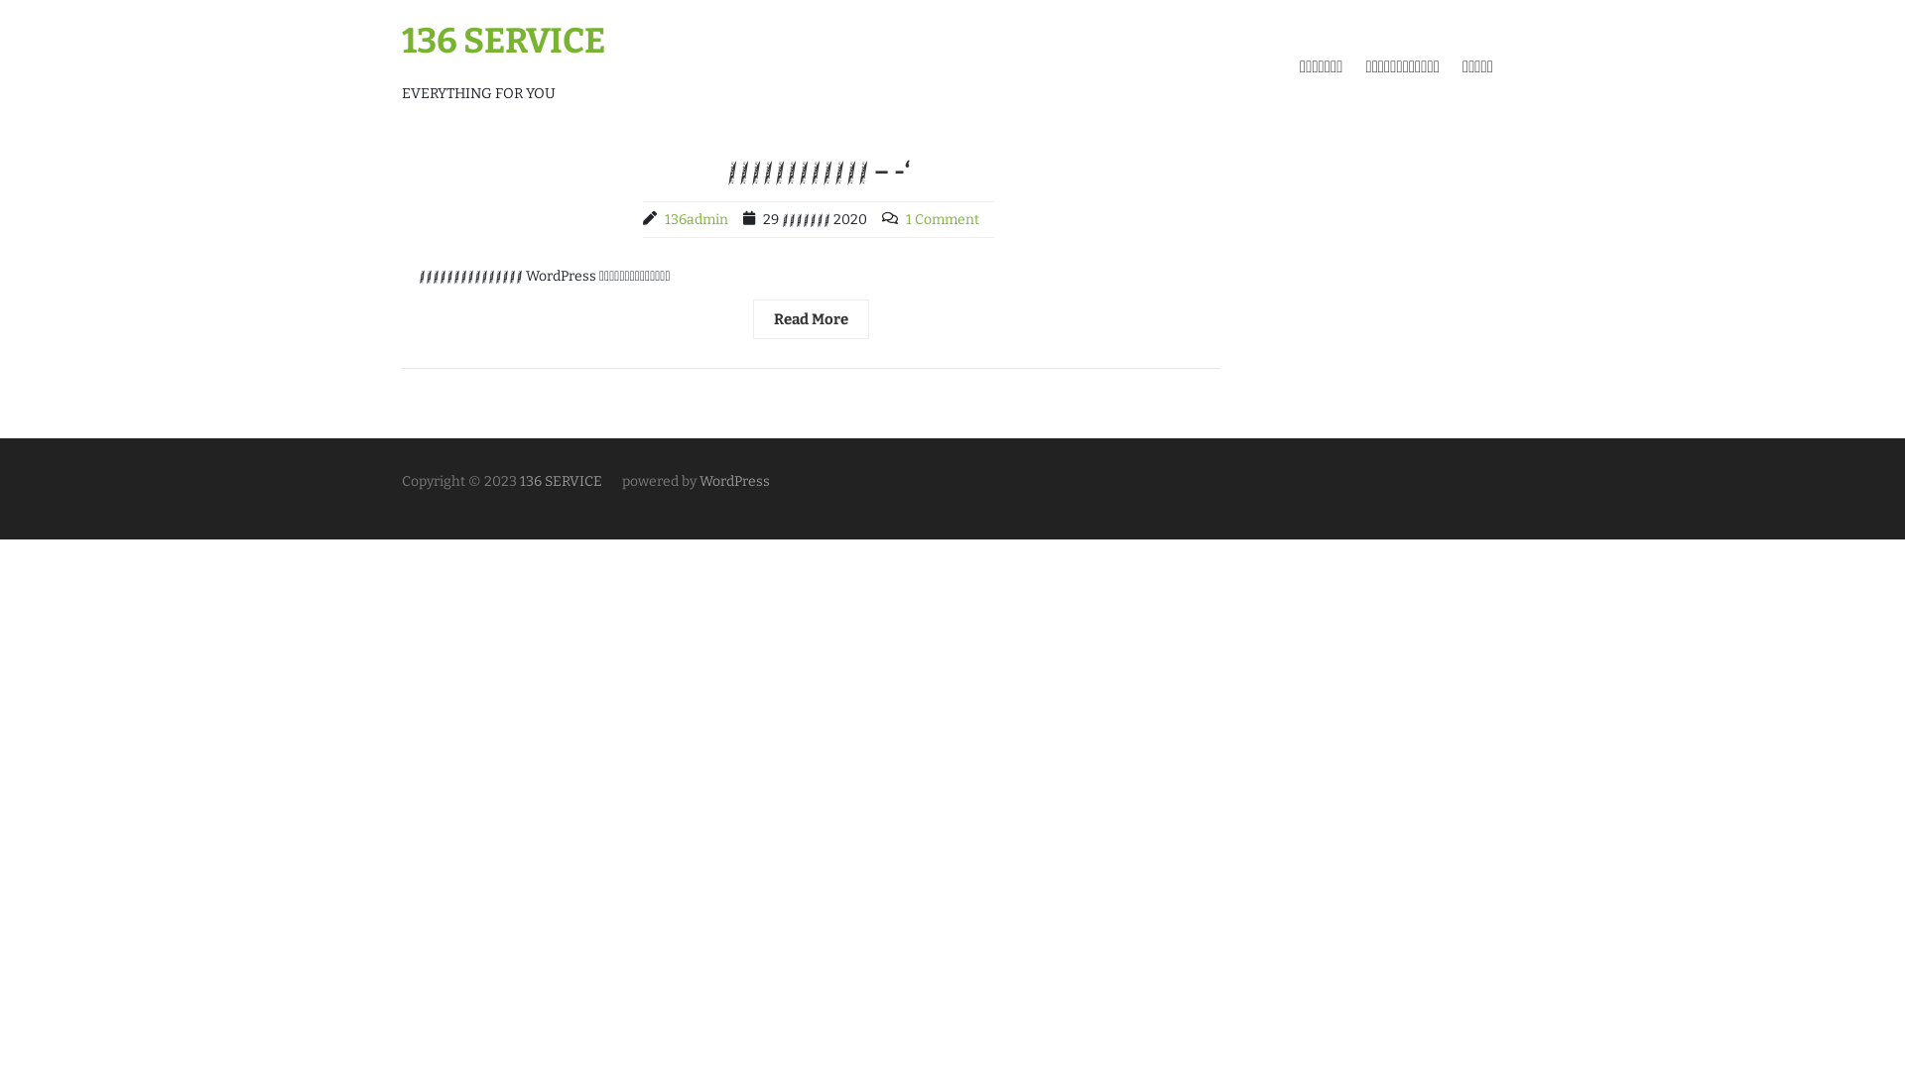  I want to click on 'WordPress', so click(733, 481).